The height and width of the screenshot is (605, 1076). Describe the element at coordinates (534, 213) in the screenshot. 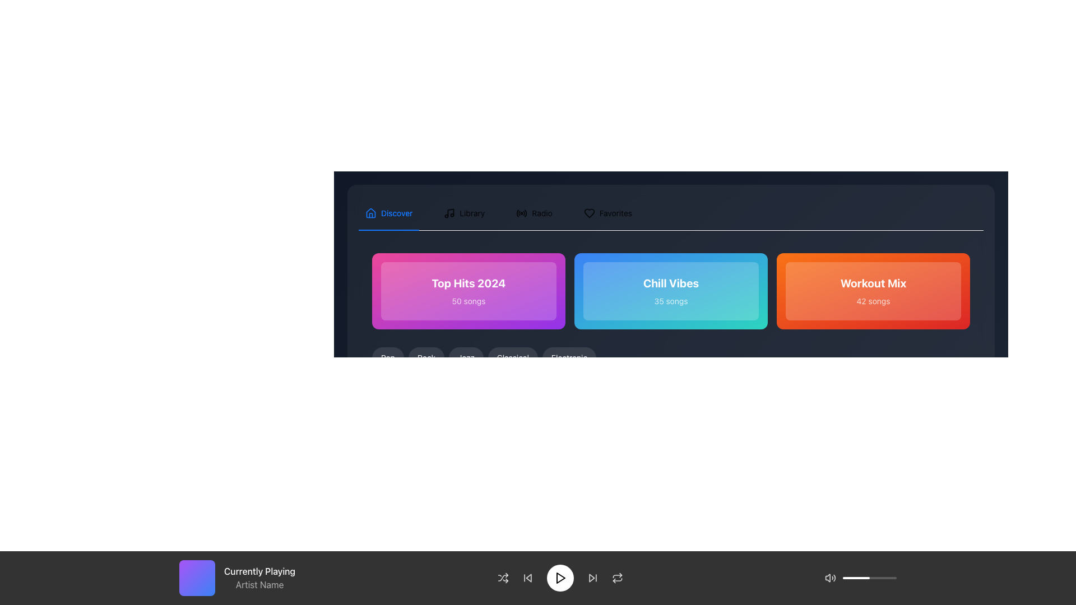

I see `the 'Radio' tab in the navigation bar` at that location.